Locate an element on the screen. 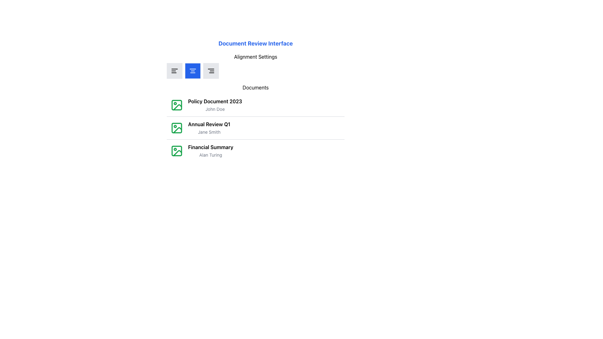 Image resolution: width=603 pixels, height=339 pixels. text of the header label located at the top of the document list, which identifies the section's content is located at coordinates (256, 87).